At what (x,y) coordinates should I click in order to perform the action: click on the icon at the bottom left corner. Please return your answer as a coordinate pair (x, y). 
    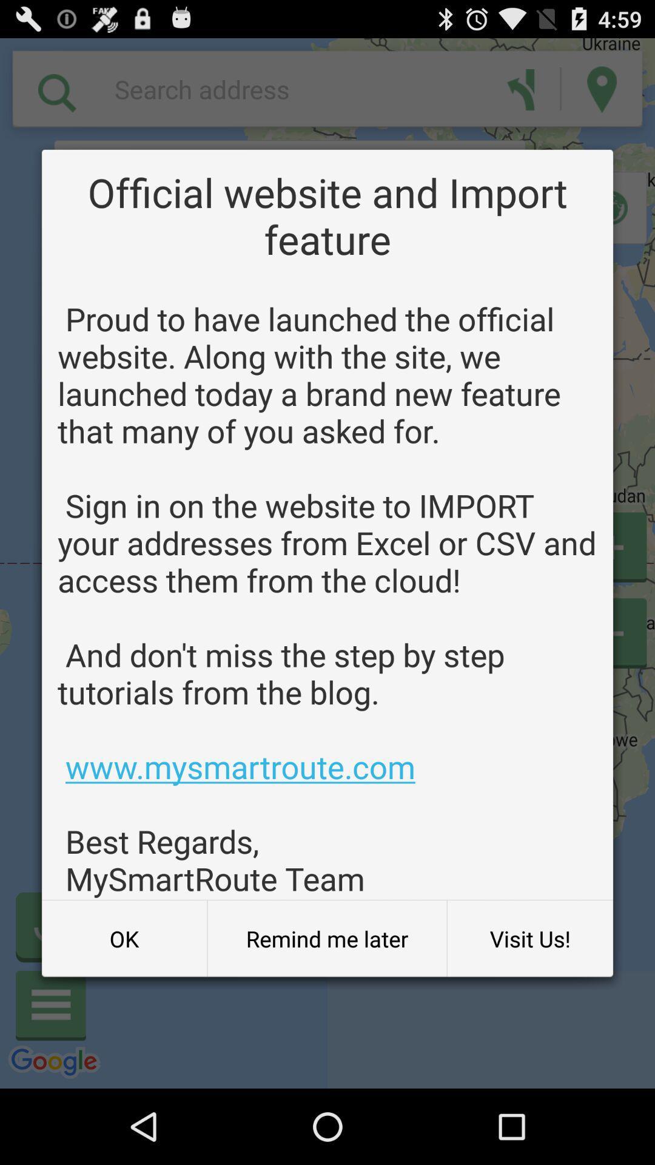
    Looking at the image, I should click on (124, 938).